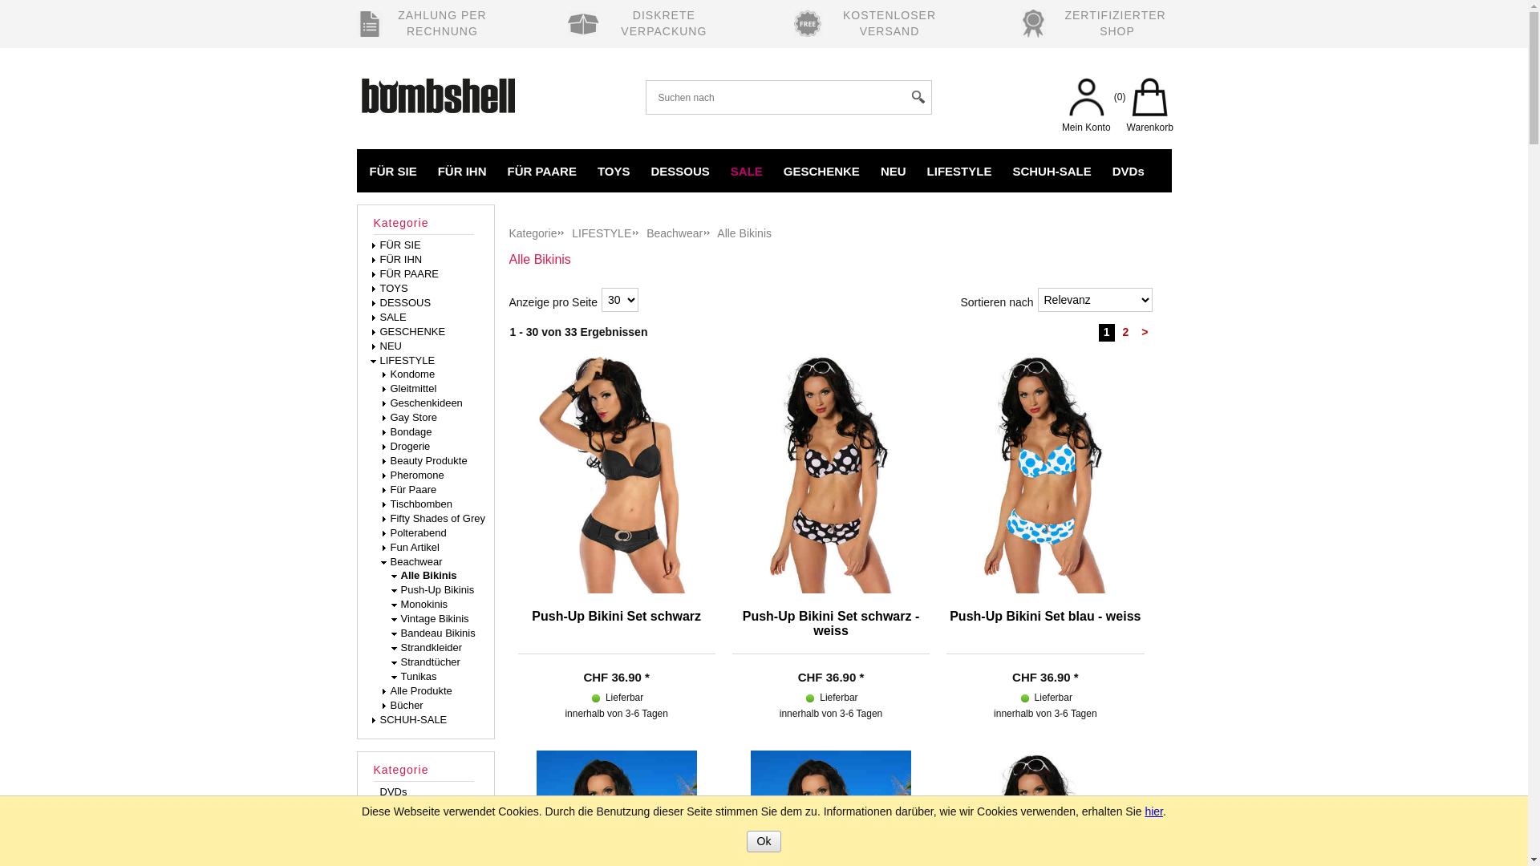 This screenshot has height=866, width=1540. Describe the element at coordinates (444, 87) in the screenshot. I see `'Bombshell Erotikshop'` at that location.